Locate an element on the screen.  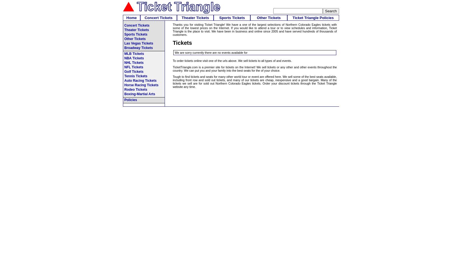
'TicketTriangle.com is a premier site for tickets on the Internet! We sell tickets or any other and other events throughout the country. We can put you and your family into the best seats for the of your choice.' is located at coordinates (255, 68).